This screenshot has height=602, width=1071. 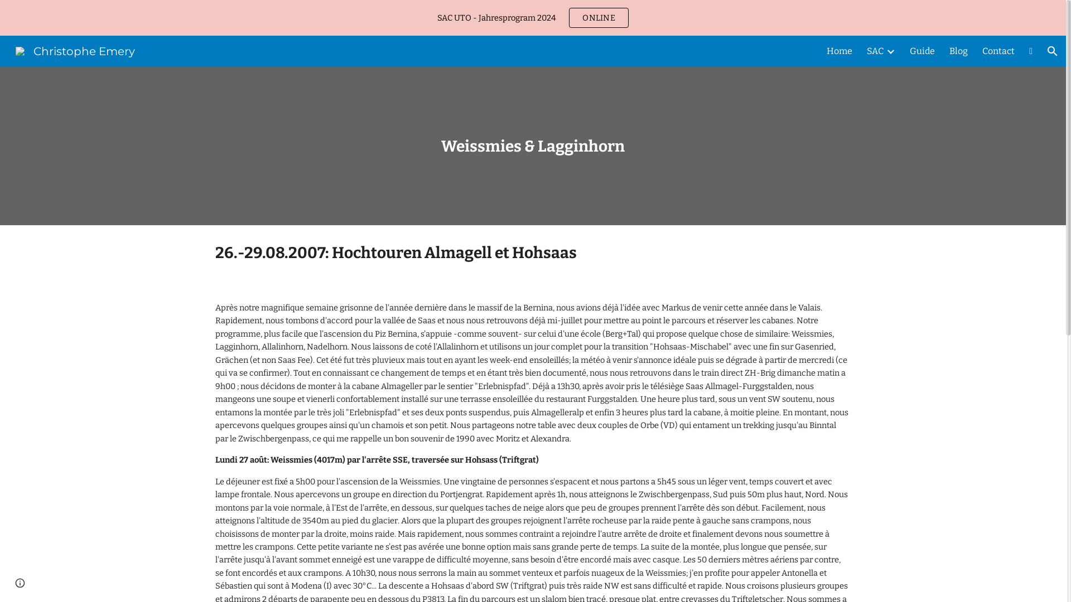 I want to click on 'ONLINE', so click(x=598, y=17).